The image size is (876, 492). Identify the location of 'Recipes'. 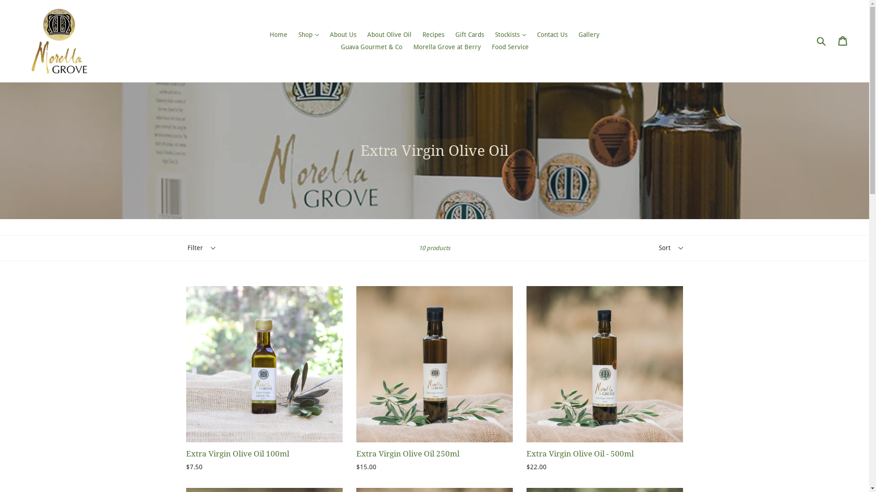
(433, 34).